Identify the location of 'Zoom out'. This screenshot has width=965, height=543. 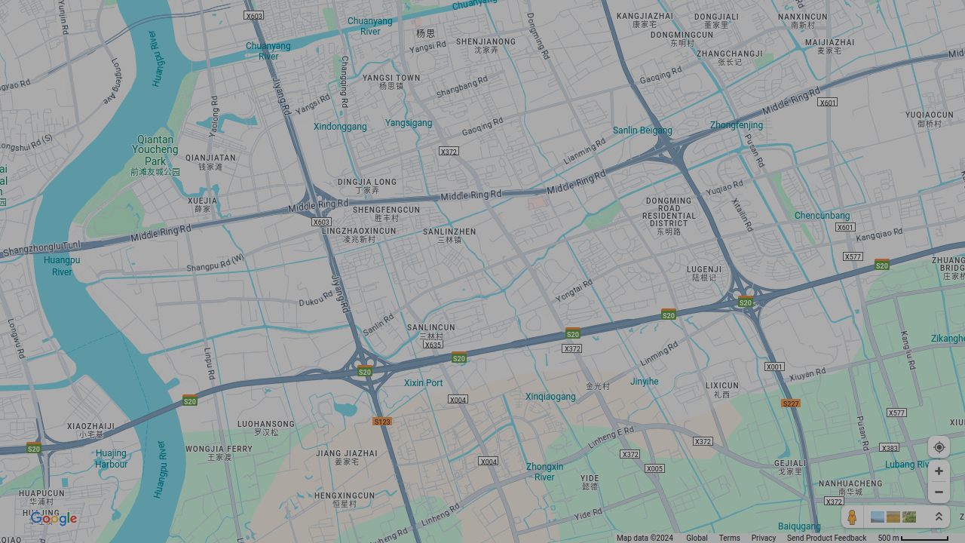
(938, 492).